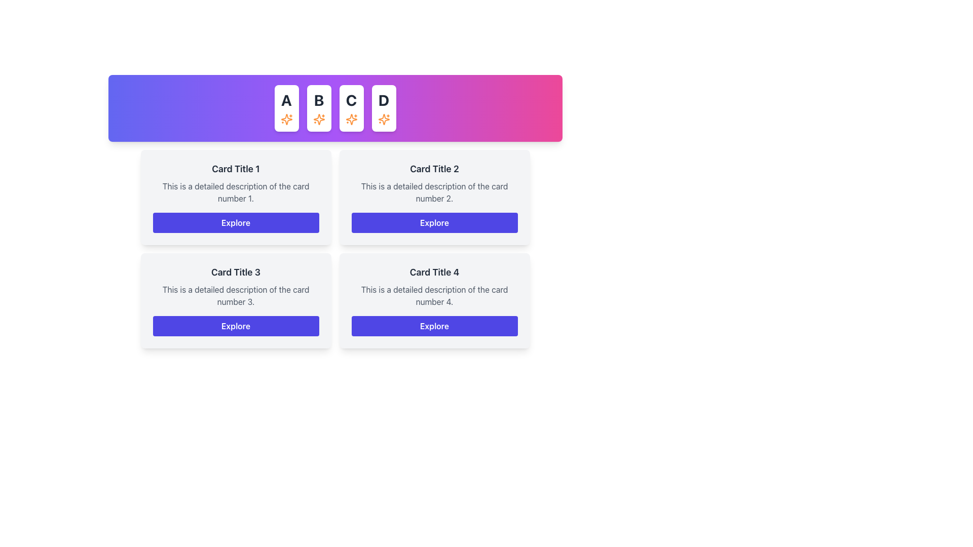 The height and width of the screenshot is (547, 973). What do you see at coordinates (318, 119) in the screenshot?
I see `the orange sparkles icon located beneath the bold 'B' in the second card of the row` at bounding box center [318, 119].